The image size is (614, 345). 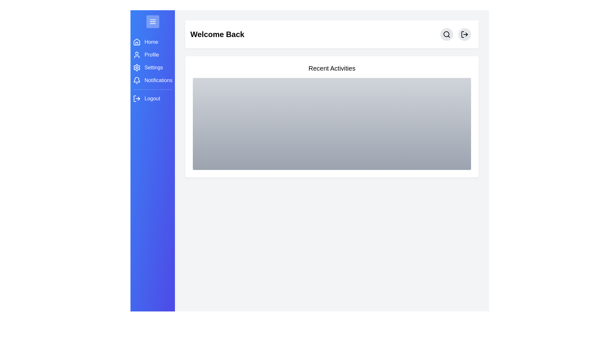 What do you see at coordinates (152, 80) in the screenshot?
I see `the navigation link for Notifications, which is the fourth item in the left vertical navigation bar, positioned below Home, Profile, and Settings, and above Logout` at bounding box center [152, 80].